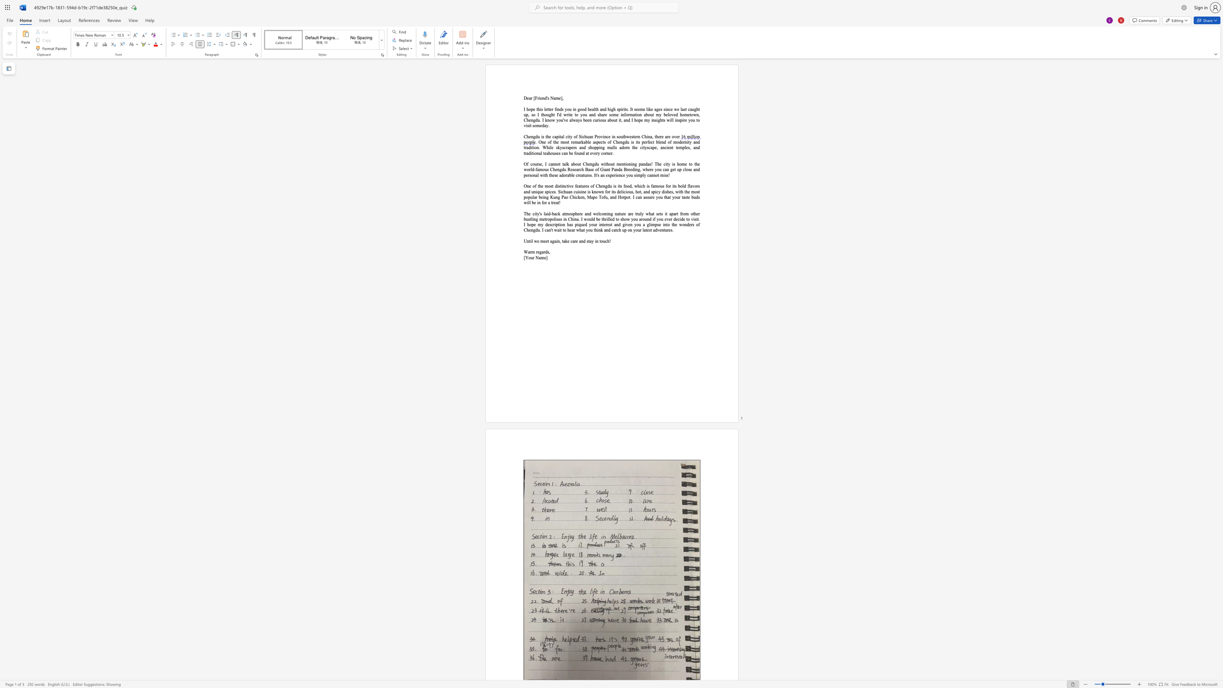 The image size is (1223, 688). What do you see at coordinates (533, 257) in the screenshot?
I see `the space between the continuous character "u" and "r" in the text` at bounding box center [533, 257].